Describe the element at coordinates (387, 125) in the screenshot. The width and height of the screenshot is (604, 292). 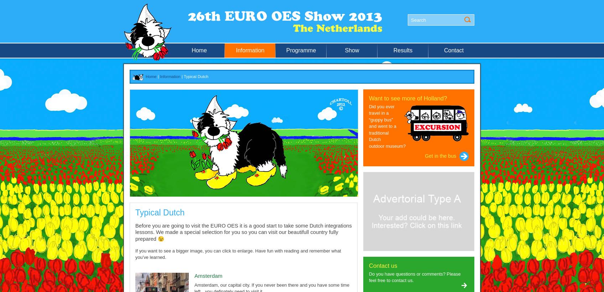
I see `'Did you ever travel in a “guppy bus” and went to a traditional Dutch outdoor museum?'` at that location.